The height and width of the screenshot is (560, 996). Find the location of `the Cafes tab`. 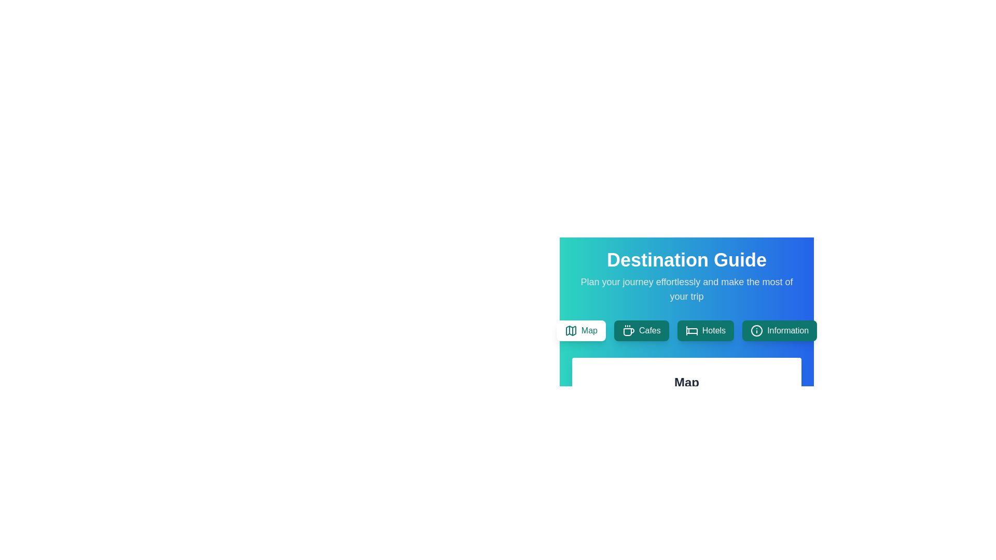

the Cafes tab is located at coordinates (641, 330).